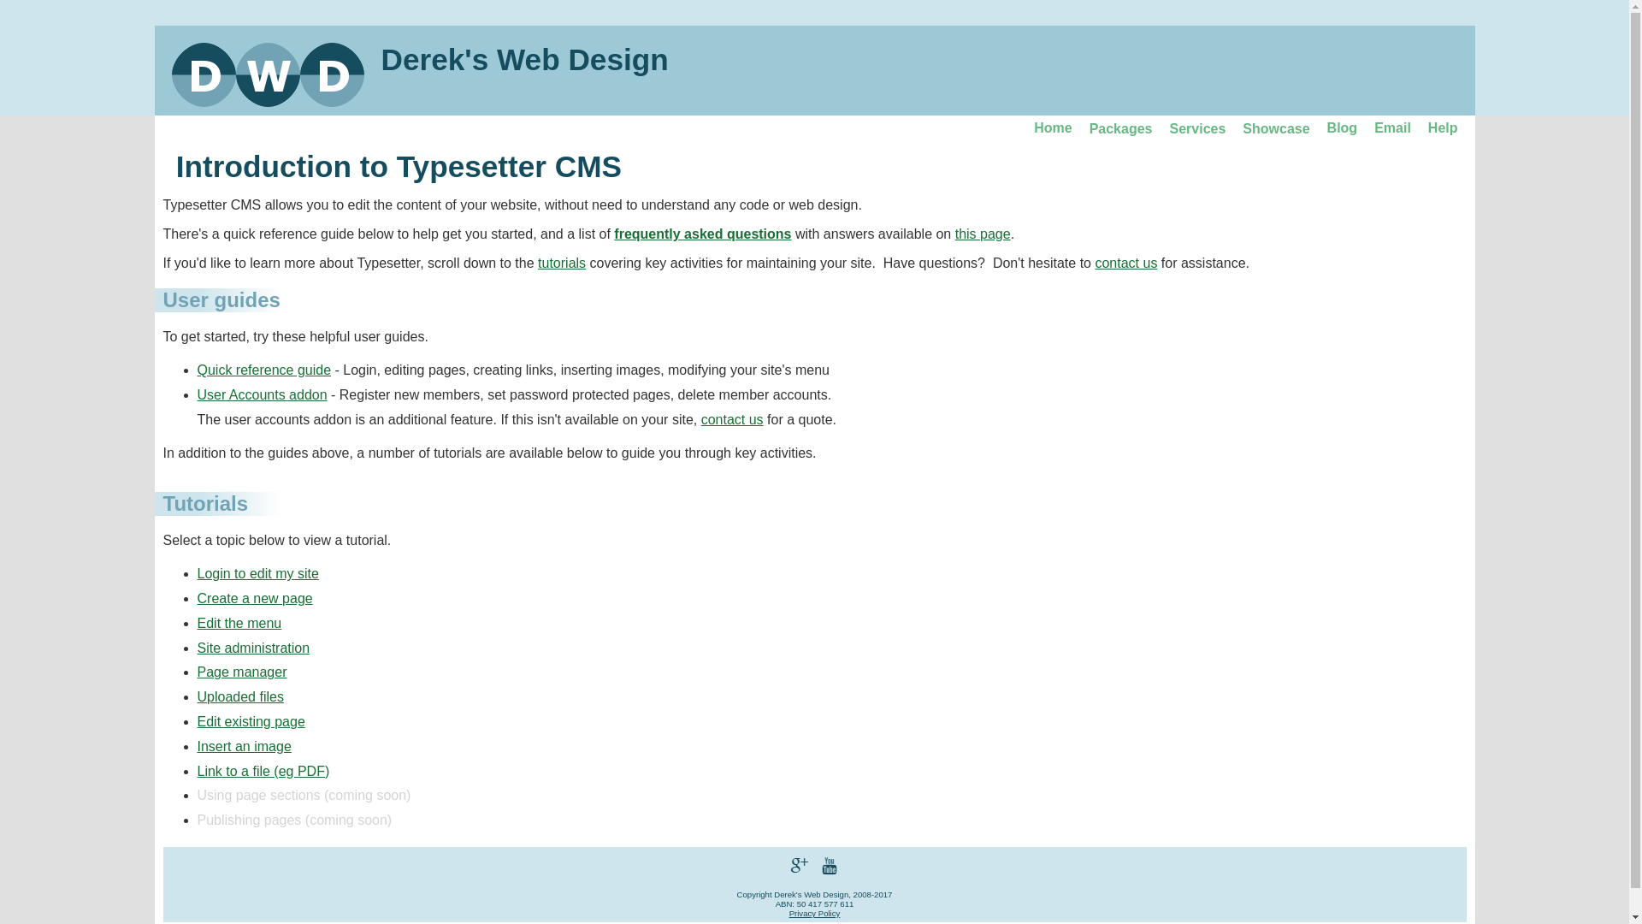 This screenshot has height=924, width=1642. I want to click on 'Edit the menu', so click(238, 623).